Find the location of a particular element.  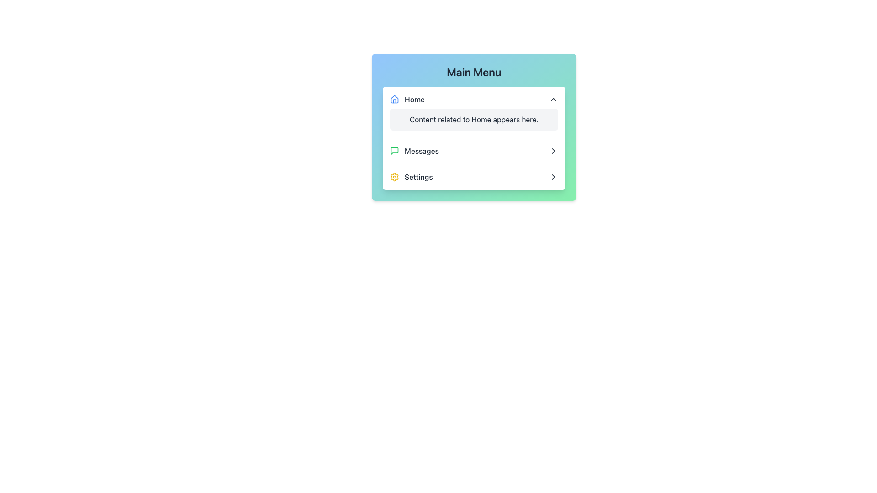

the 'Settings' text label with the yellow gear icon in the bottom row of the vertical navigation menu is located at coordinates (411, 177).